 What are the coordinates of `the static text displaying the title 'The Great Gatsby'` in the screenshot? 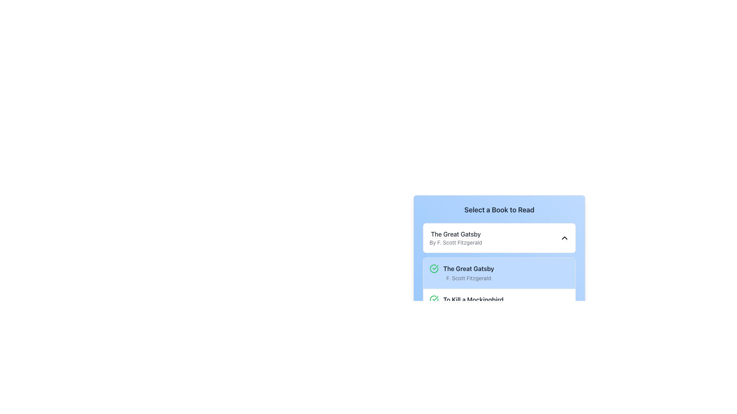 It's located at (468, 268).